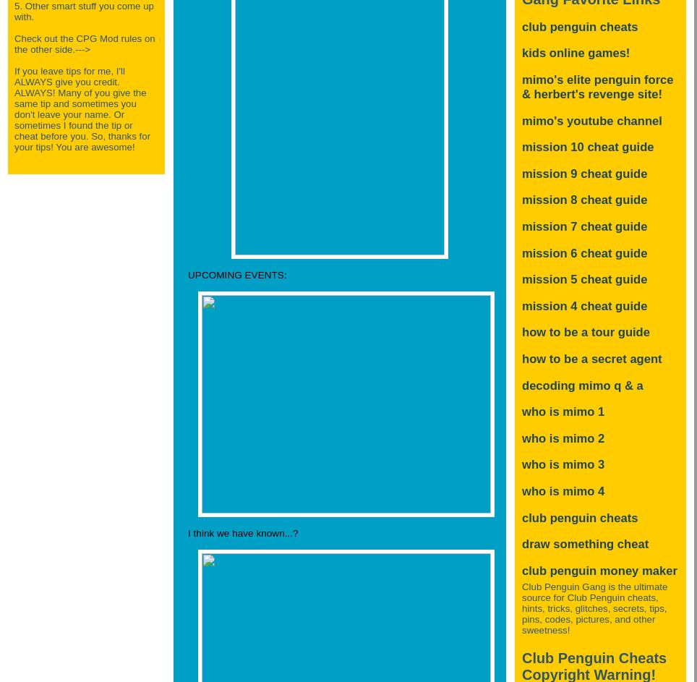  I want to click on 'Q & A', so click(628, 385).